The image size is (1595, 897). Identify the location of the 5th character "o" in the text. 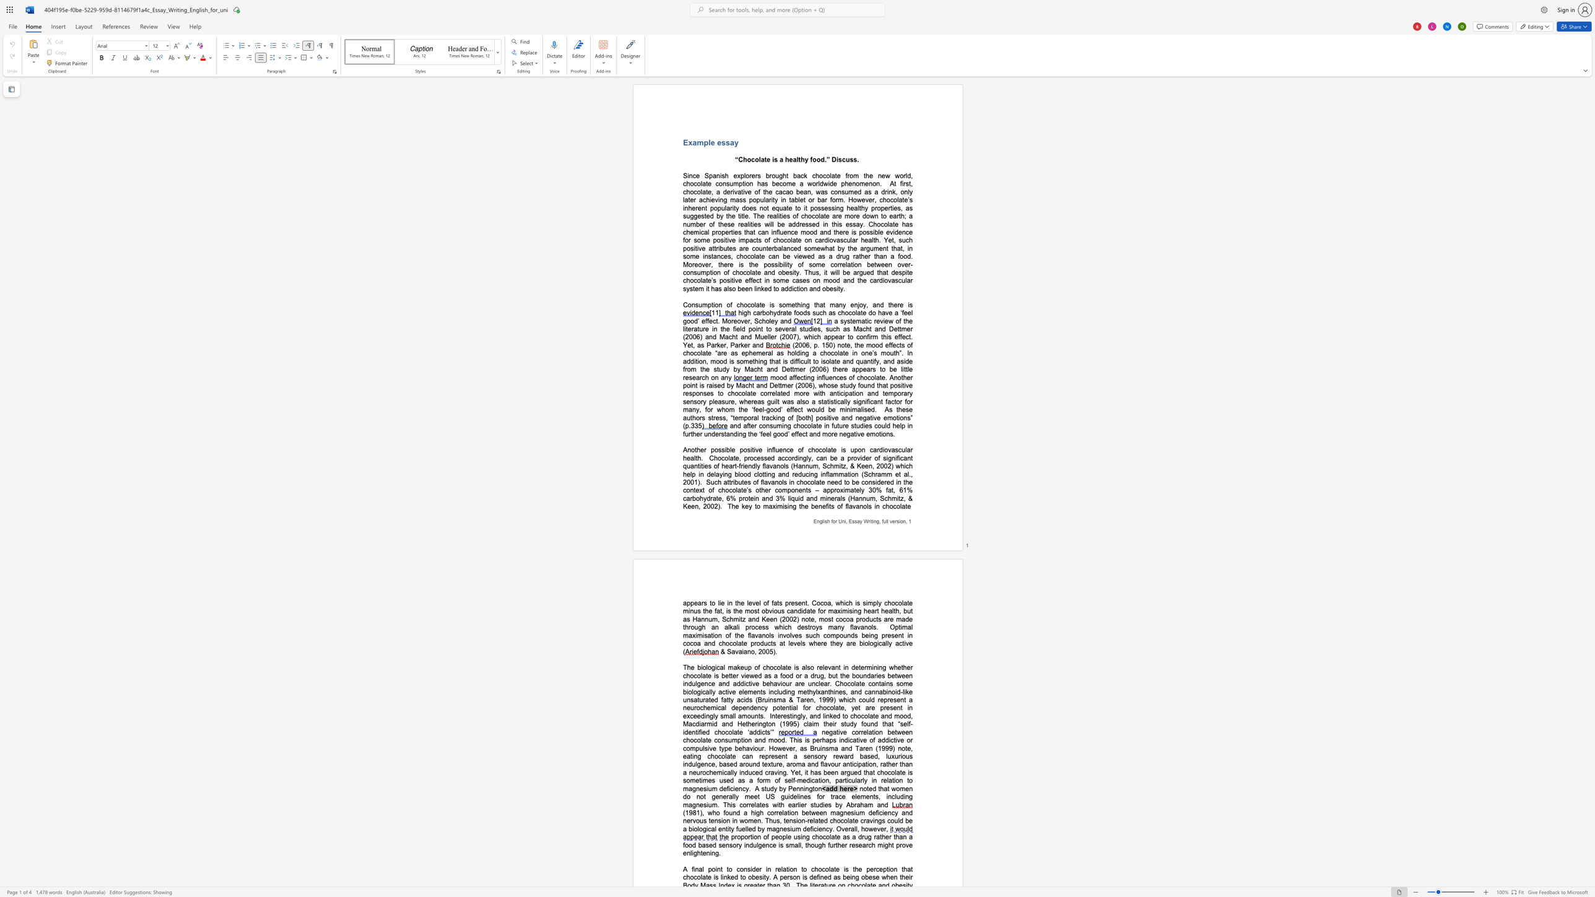
(778, 667).